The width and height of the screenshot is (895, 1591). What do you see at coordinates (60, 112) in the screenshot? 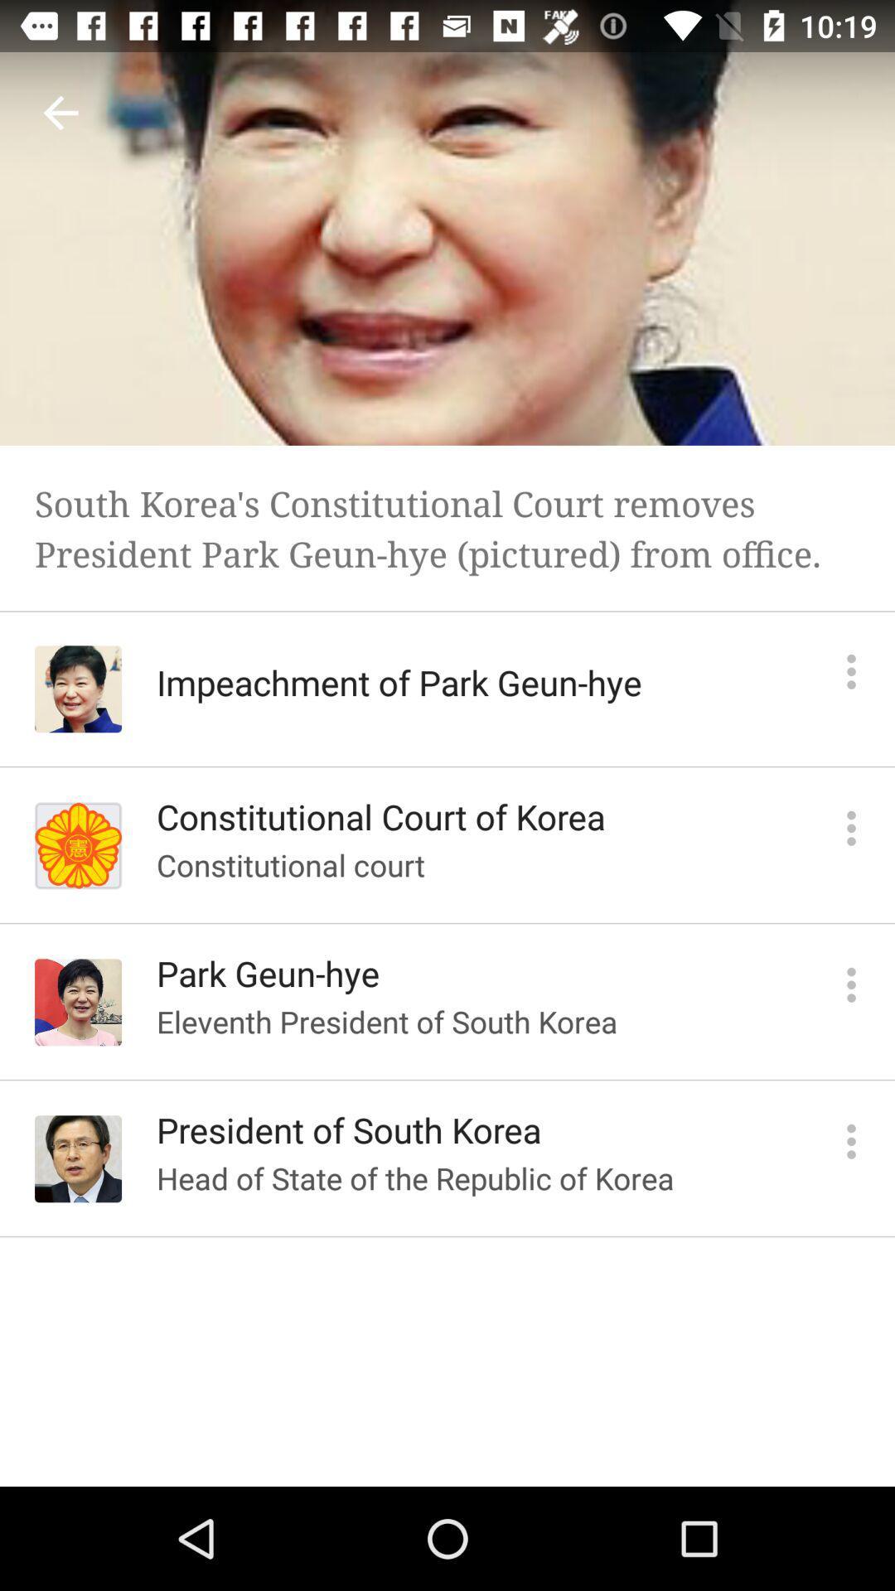
I see `icon at the top left corner` at bounding box center [60, 112].